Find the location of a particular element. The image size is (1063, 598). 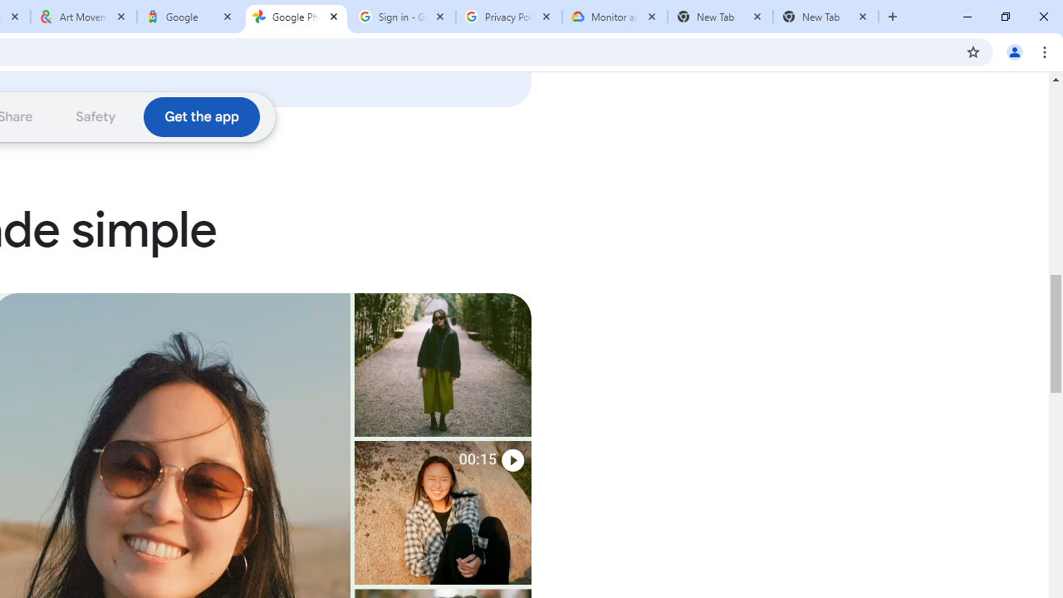

'Download the Google Photos app' is located at coordinates (201, 115).